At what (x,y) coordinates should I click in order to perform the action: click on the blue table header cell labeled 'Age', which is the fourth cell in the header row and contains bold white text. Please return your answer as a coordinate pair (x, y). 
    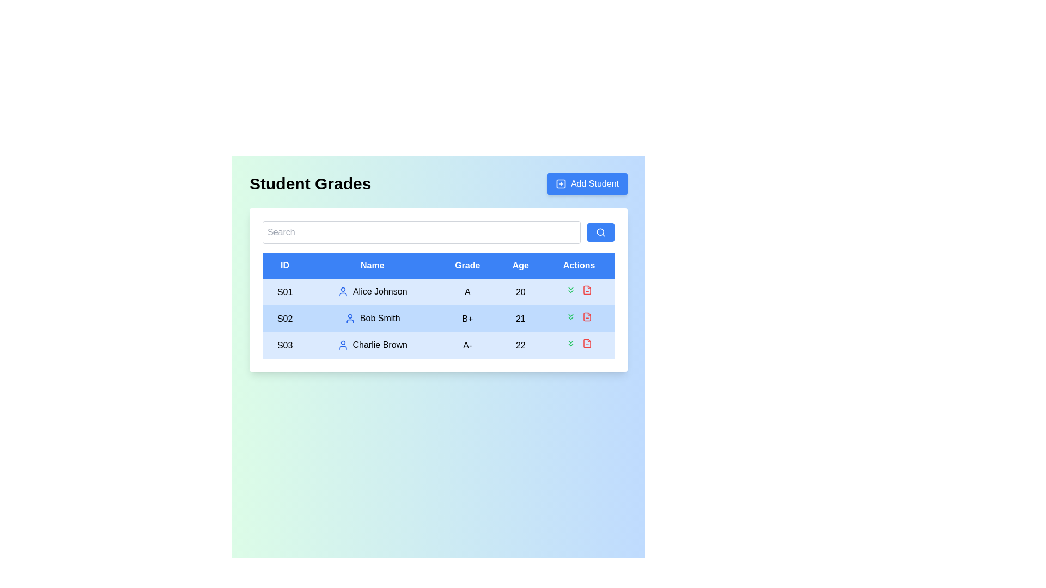
    Looking at the image, I should click on (520, 266).